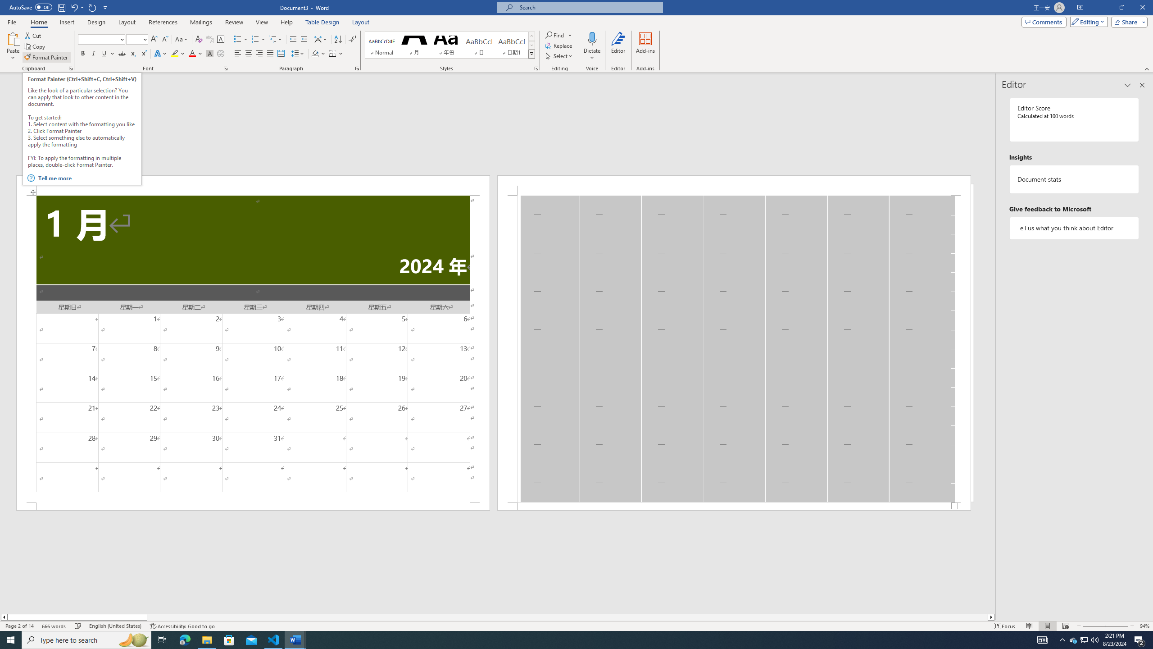 The width and height of the screenshot is (1153, 649). Describe the element at coordinates (252, 348) in the screenshot. I see `'Page 1 content'` at that location.